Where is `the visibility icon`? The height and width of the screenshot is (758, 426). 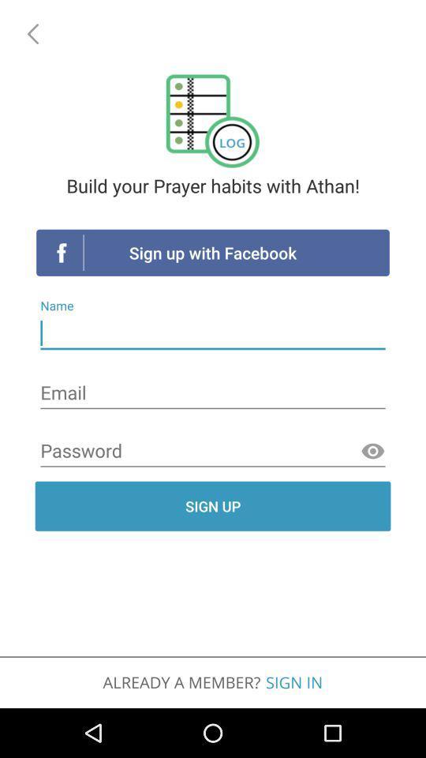 the visibility icon is located at coordinates (372, 452).